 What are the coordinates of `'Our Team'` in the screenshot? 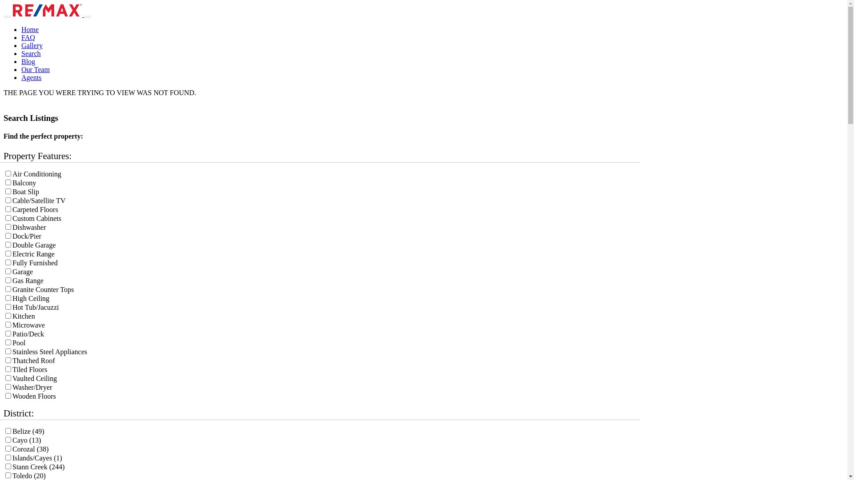 It's located at (36, 69).